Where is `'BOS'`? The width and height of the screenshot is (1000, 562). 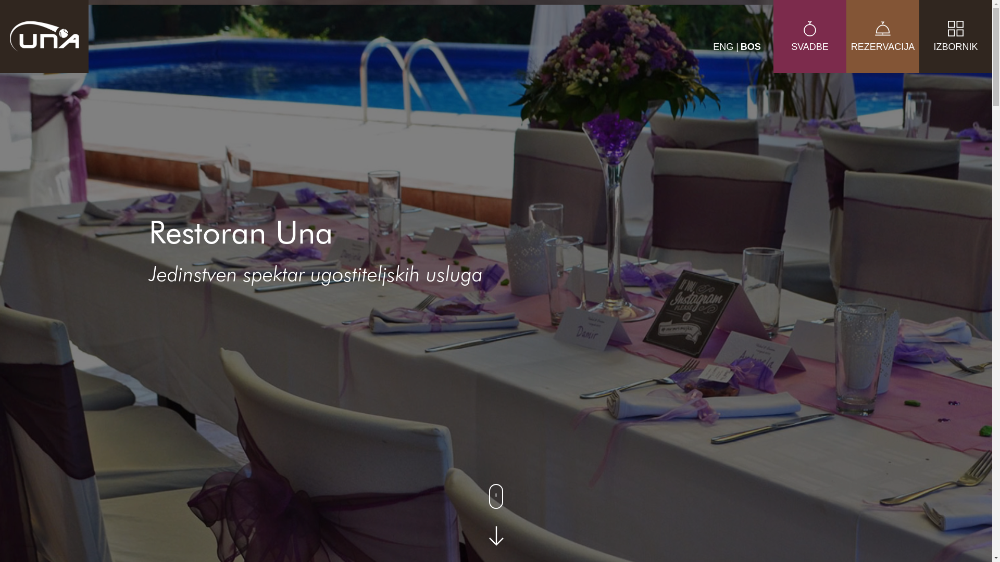
'BOS' is located at coordinates (751, 46).